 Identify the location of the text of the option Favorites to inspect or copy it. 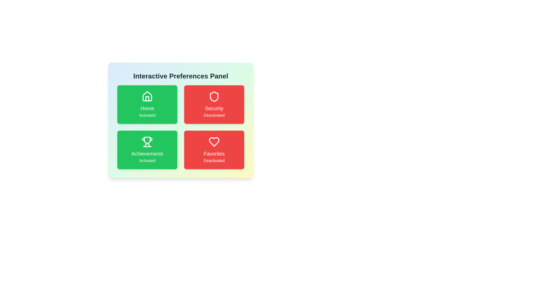
(214, 149).